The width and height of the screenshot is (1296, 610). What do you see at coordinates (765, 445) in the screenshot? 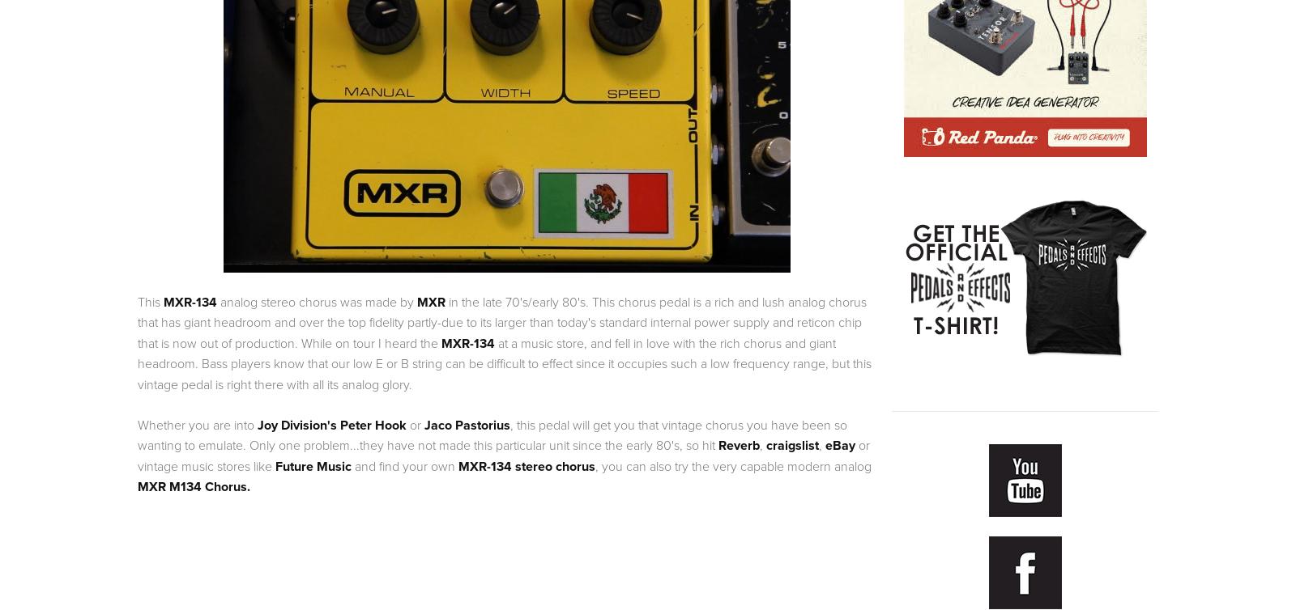
I see `'craigslist'` at bounding box center [765, 445].